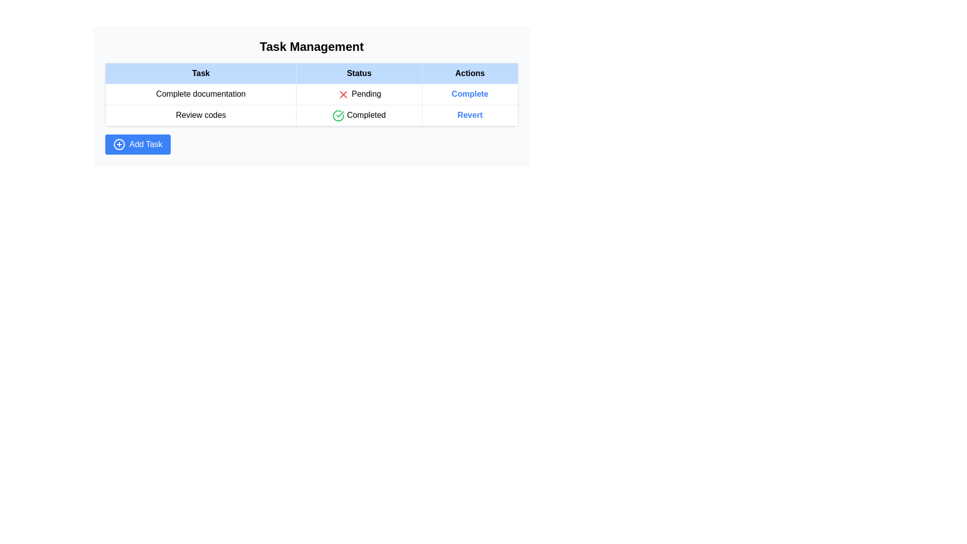 This screenshot has width=967, height=544. I want to click on the Text Label in the task management system, located in the second row and first column, below 'Complete documentation' and to the left of the 'Completed' status column, so click(200, 115).